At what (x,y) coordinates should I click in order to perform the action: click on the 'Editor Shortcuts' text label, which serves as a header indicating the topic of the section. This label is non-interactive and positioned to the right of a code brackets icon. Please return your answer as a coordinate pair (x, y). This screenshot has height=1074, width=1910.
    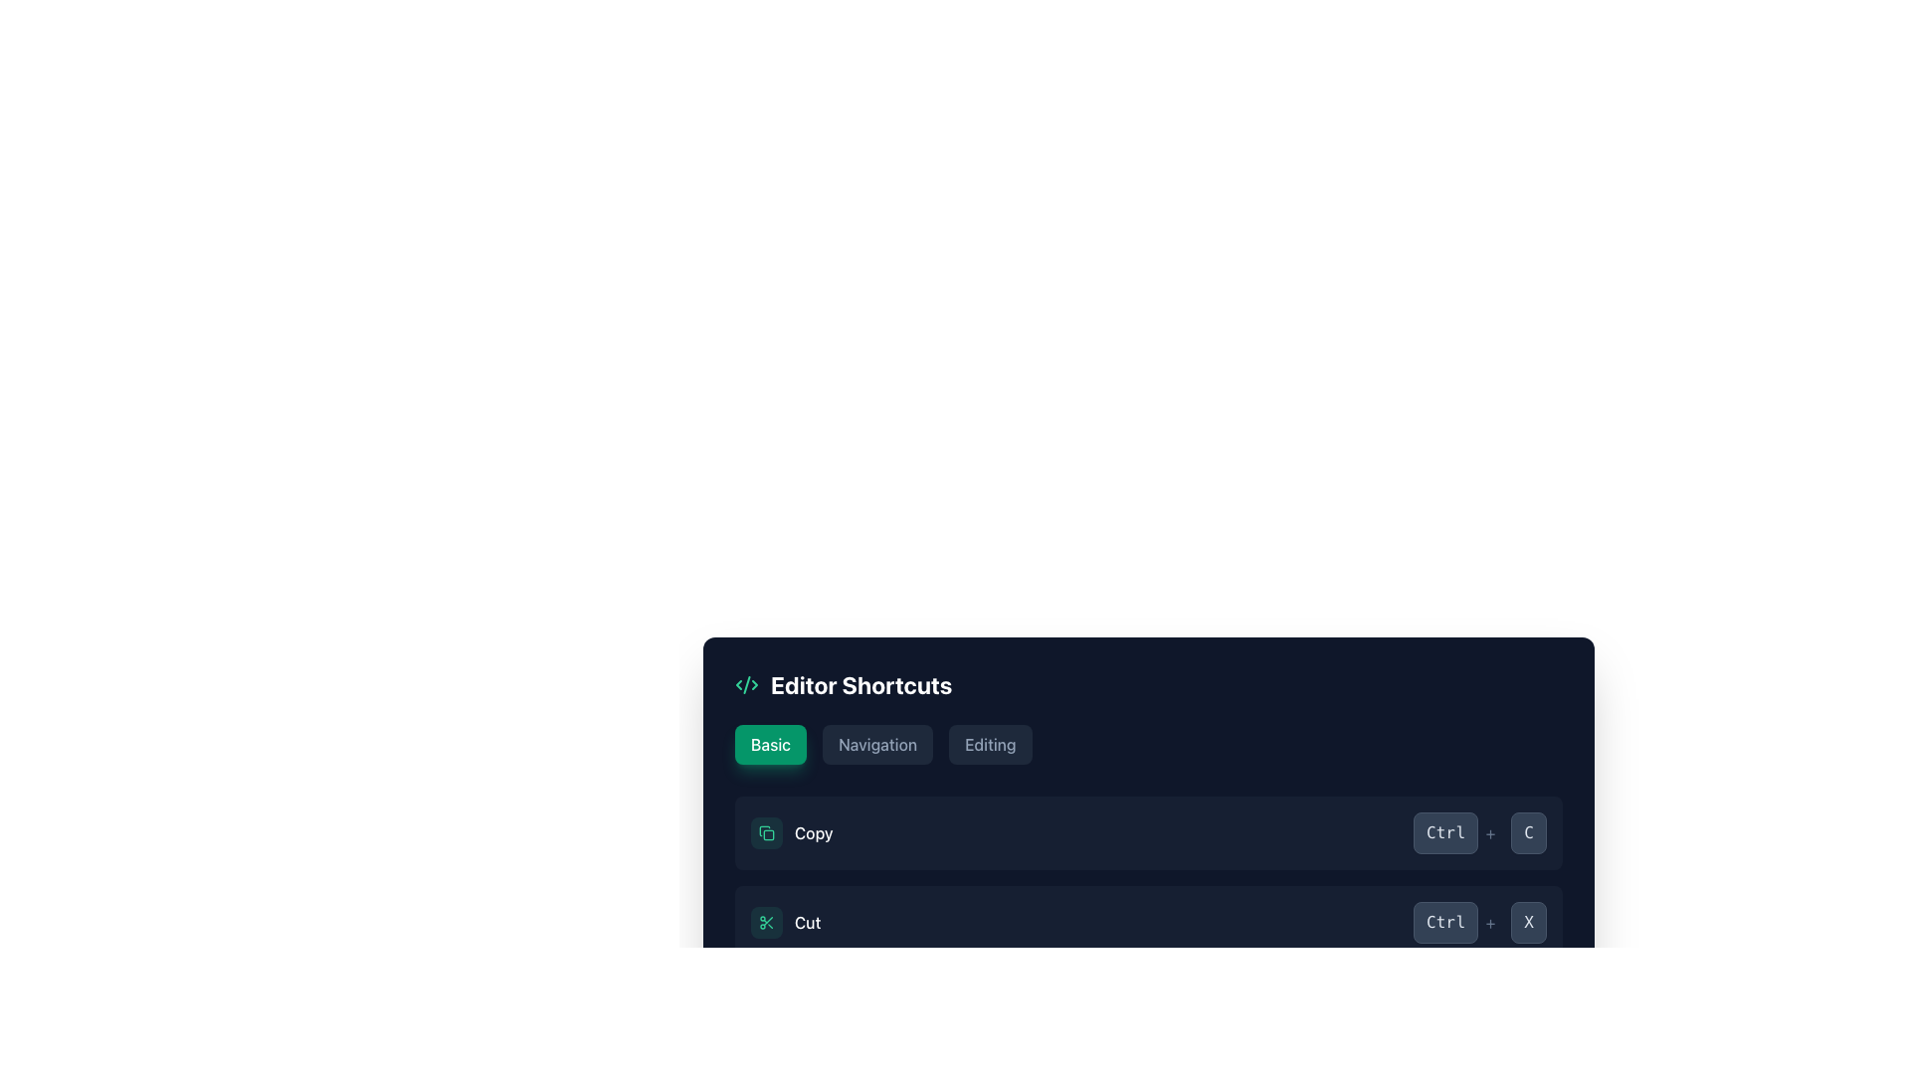
    Looking at the image, I should click on (861, 684).